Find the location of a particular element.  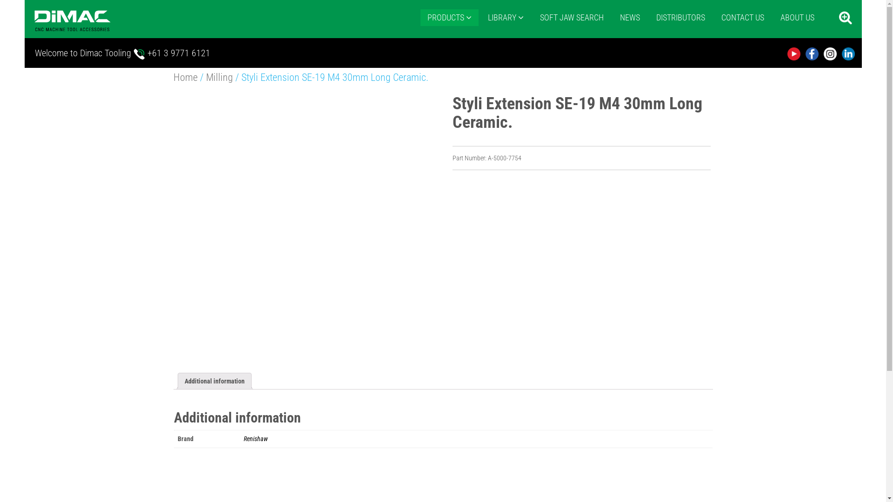

'Milling' is located at coordinates (218, 76).